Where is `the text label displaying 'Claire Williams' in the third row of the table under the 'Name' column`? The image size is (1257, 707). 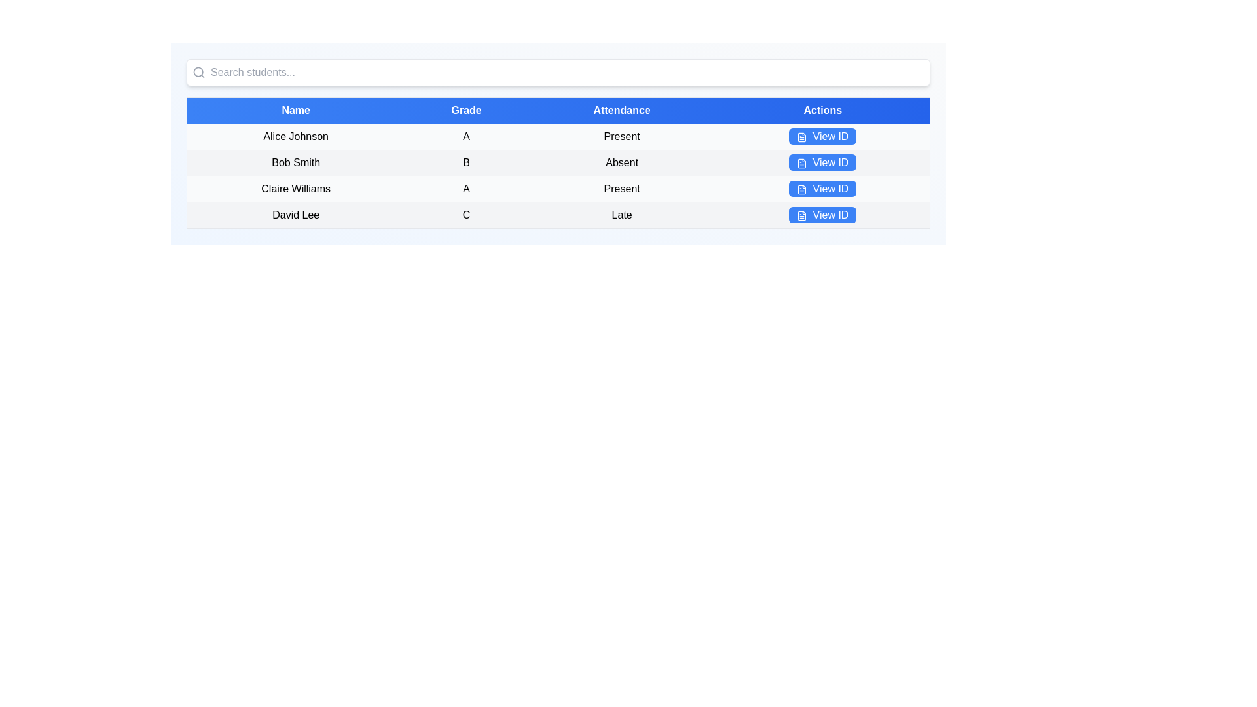 the text label displaying 'Claire Williams' in the third row of the table under the 'Name' column is located at coordinates (295, 189).